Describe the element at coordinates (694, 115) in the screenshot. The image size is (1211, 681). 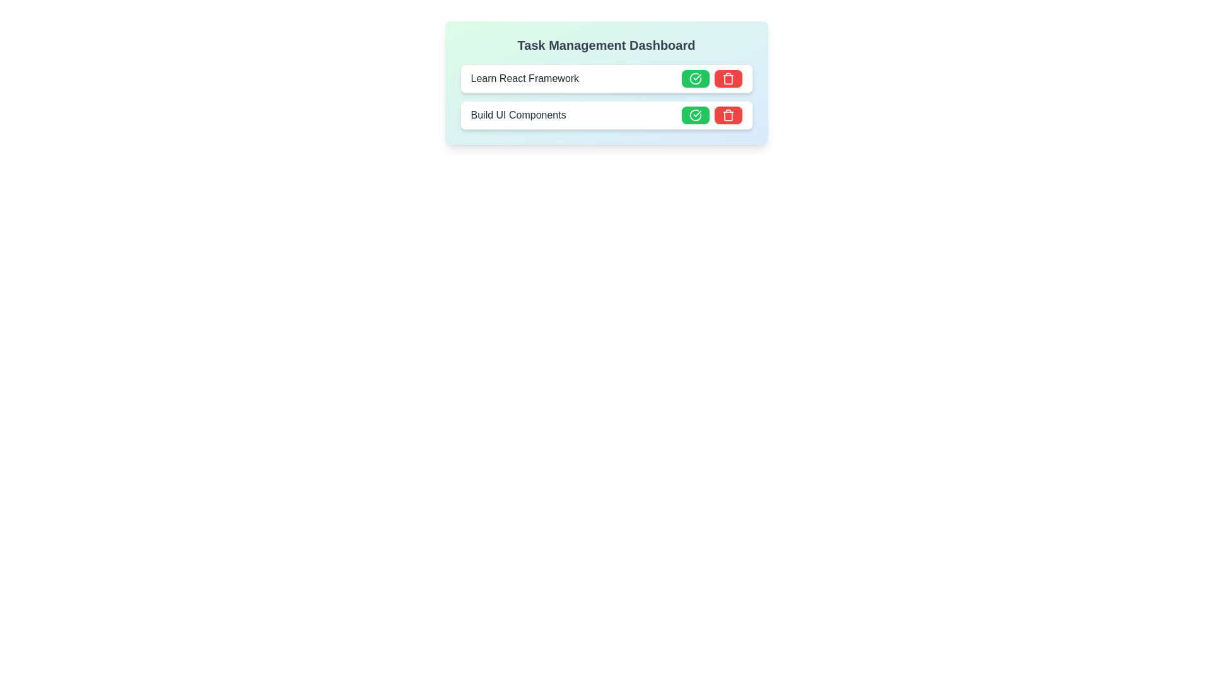
I see `the circular green icon with a white outline and checkmark inside, located in the second row of the task management dashboard, next to 'Build UI Components', to mark the task as done` at that location.